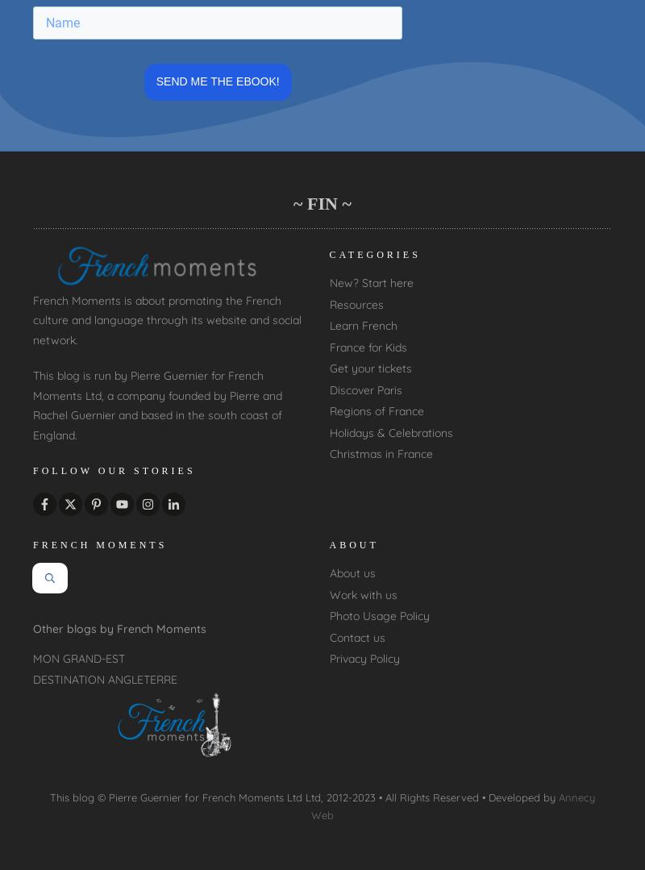 This screenshot has width=645, height=870. Describe the element at coordinates (364, 388) in the screenshot. I see `'Discover Paris'` at that location.